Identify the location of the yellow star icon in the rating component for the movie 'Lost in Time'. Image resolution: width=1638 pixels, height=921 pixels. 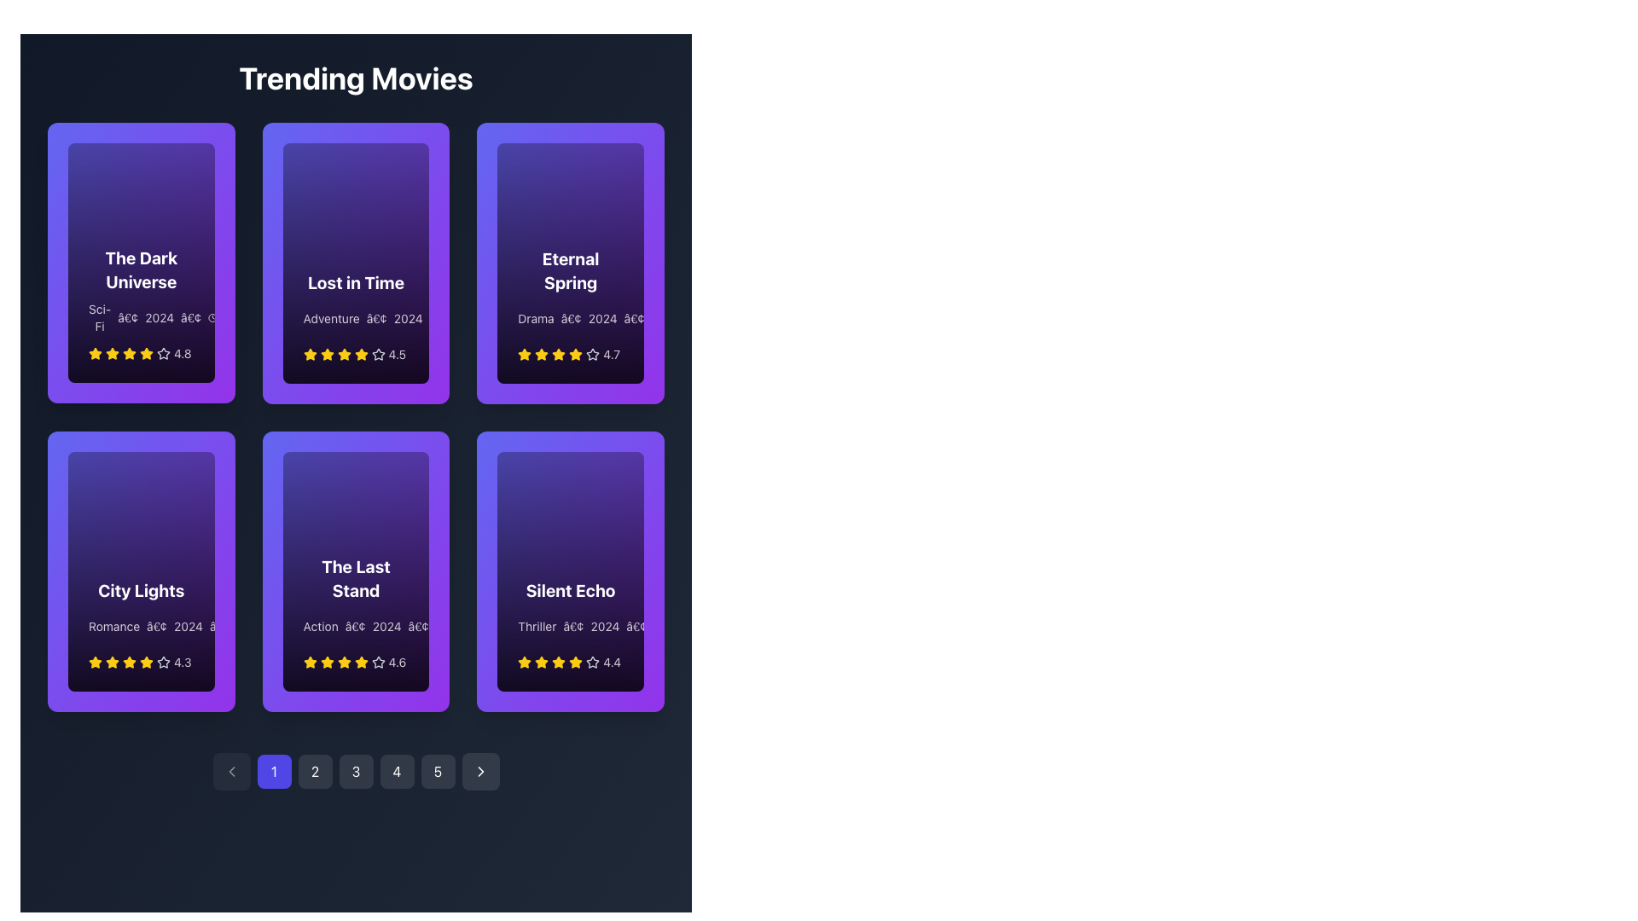
(343, 353).